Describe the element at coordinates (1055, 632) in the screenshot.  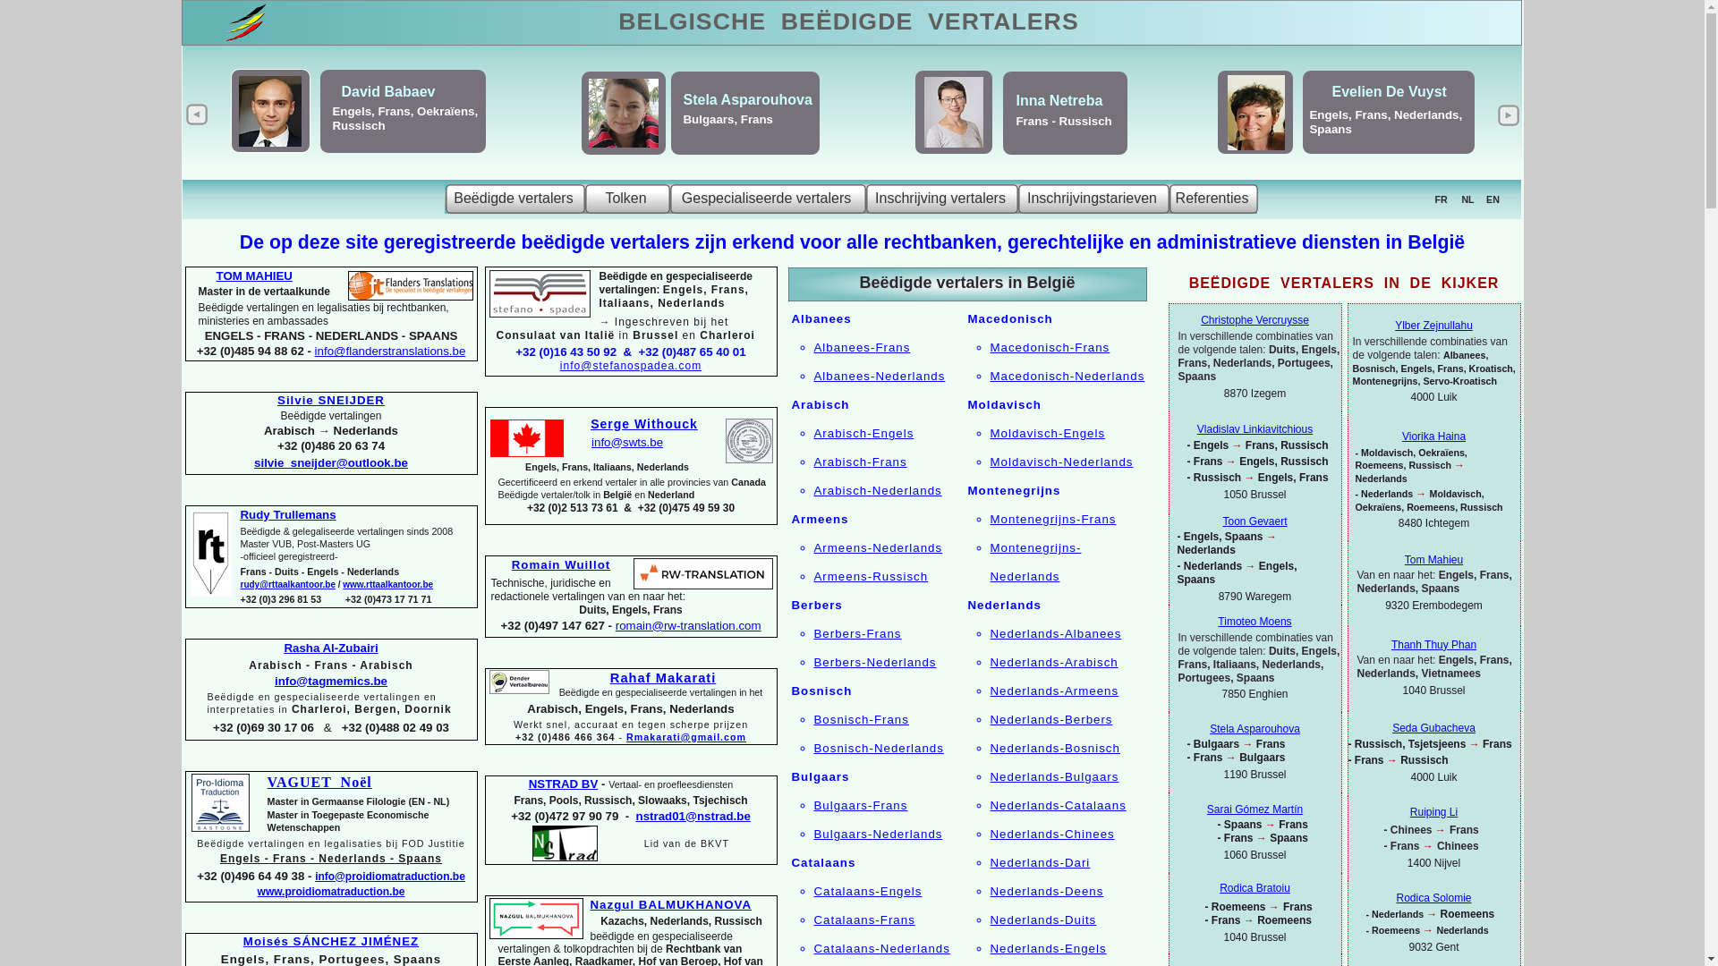
I see `'Nederlands-Albanees'` at that location.